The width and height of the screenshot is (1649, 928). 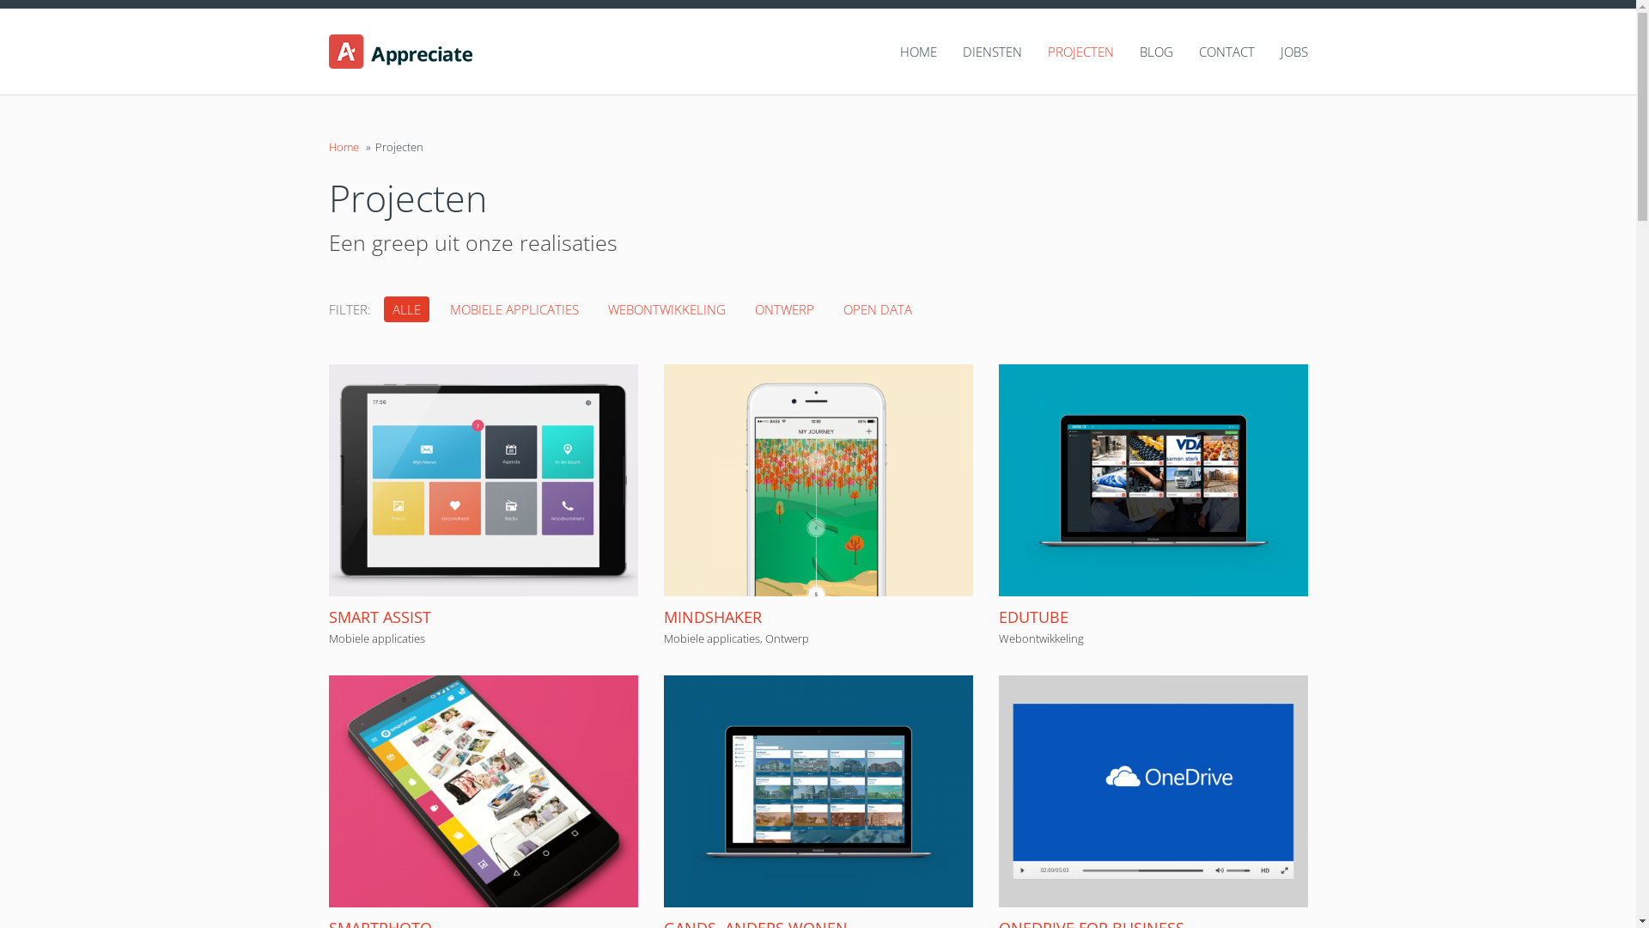 What do you see at coordinates (711, 638) in the screenshot?
I see `'Mobiele applicaties'` at bounding box center [711, 638].